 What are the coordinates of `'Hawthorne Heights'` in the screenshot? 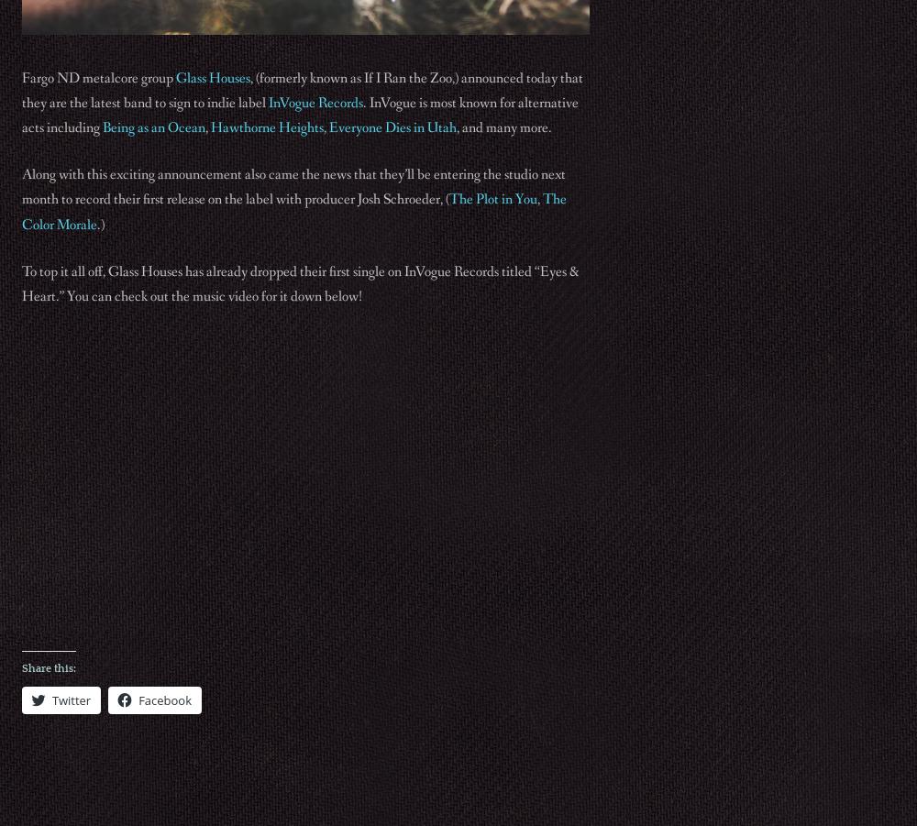 It's located at (267, 127).